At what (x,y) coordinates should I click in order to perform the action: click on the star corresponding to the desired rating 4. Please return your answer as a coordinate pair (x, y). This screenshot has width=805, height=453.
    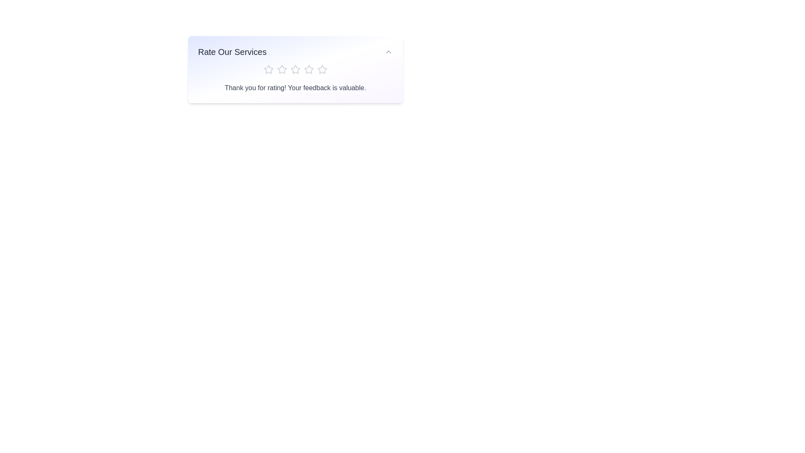
    Looking at the image, I should click on (308, 69).